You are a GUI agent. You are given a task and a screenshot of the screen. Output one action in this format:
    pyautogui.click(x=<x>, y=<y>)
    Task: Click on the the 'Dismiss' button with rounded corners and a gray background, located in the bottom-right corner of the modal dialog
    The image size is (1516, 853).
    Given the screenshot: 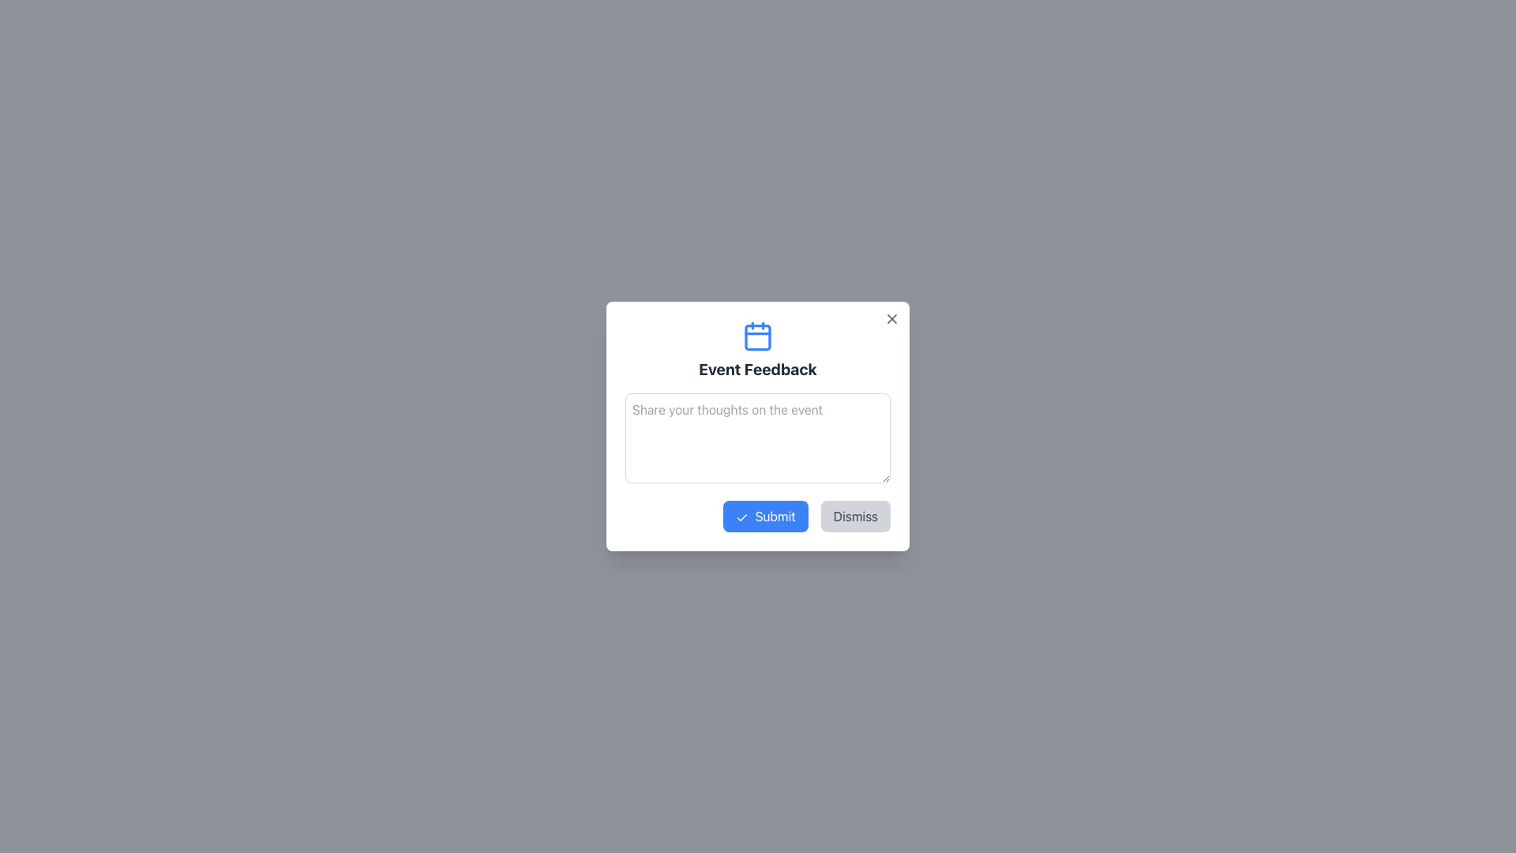 What is the action you would take?
    pyautogui.click(x=854, y=517)
    